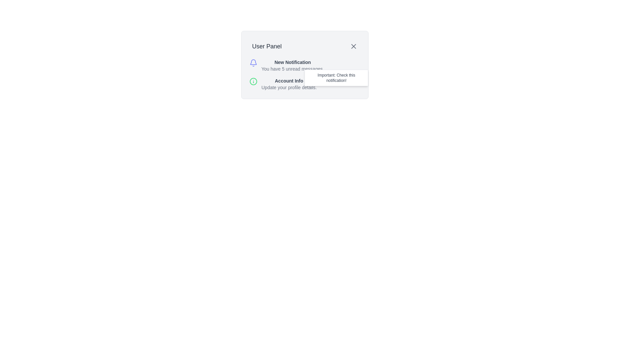  What do you see at coordinates (289, 87) in the screenshot?
I see `the descriptive text label located under the 'Account Info' section, which provides additional information or context related to the account` at bounding box center [289, 87].